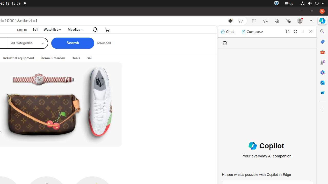 This screenshot has height=184, width=328. Describe the element at coordinates (322, 109) in the screenshot. I see `'Customize'` at that location.